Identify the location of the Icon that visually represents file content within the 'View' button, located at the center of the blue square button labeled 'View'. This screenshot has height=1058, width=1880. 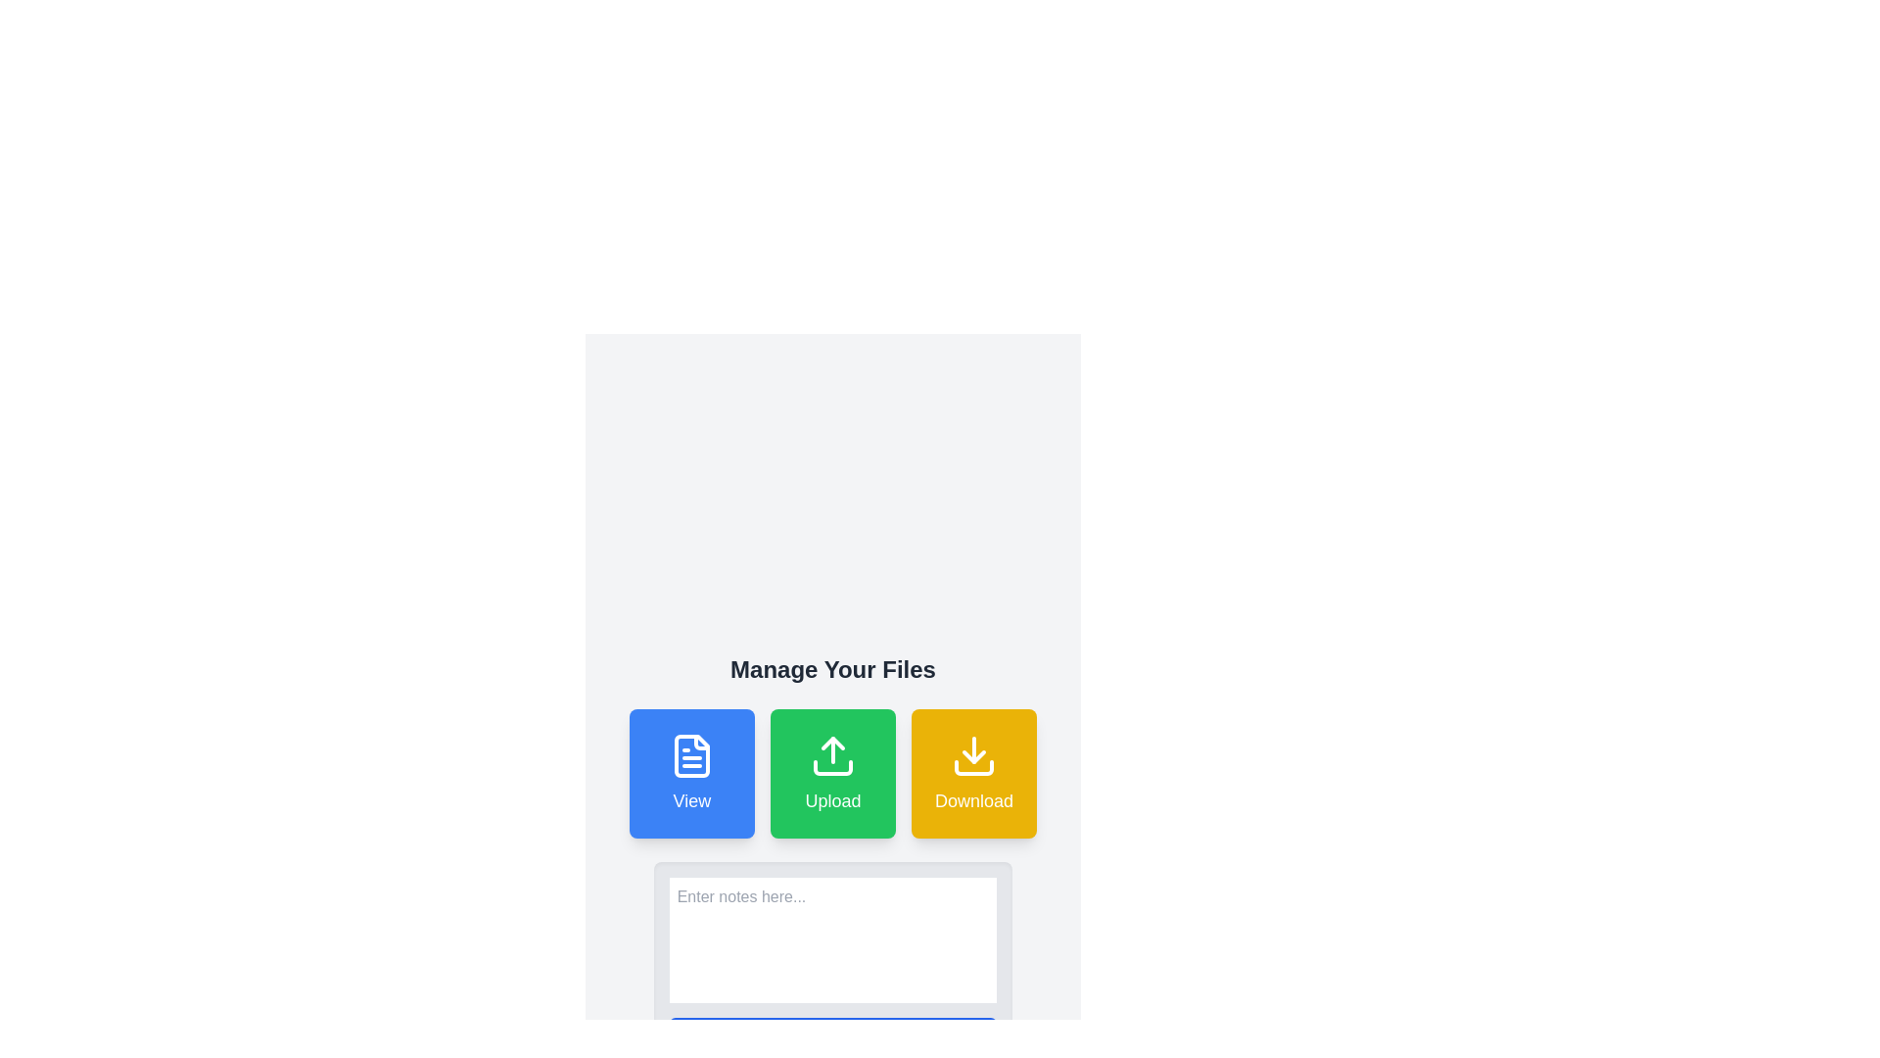
(691, 754).